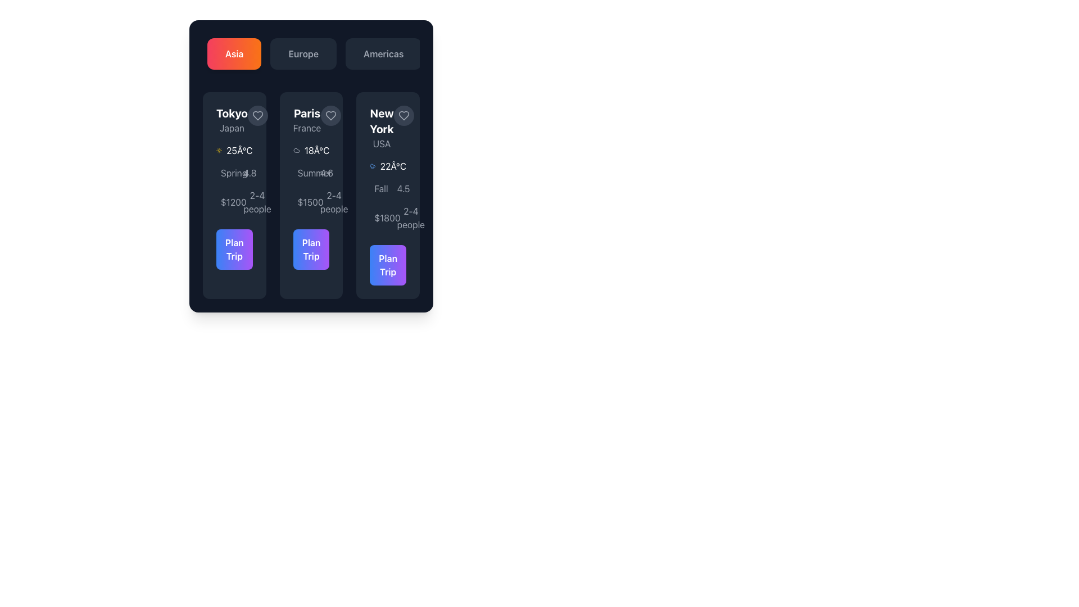 This screenshot has height=607, width=1079. What do you see at coordinates (223, 173) in the screenshot?
I see `the text label indicating the travel season, which is located in the first column of a grid, directly to the right of a seasonal weather icon and above the rating information` at bounding box center [223, 173].